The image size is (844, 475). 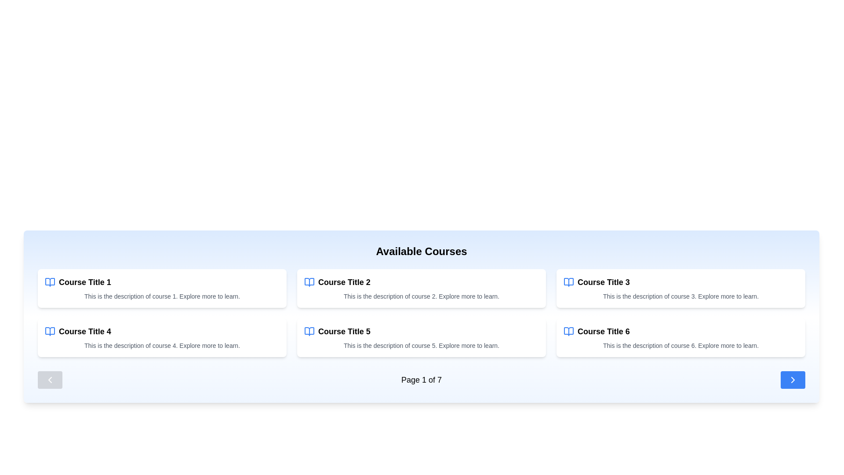 What do you see at coordinates (309, 282) in the screenshot?
I see `the course icon representing 'Course Title 2'` at bounding box center [309, 282].